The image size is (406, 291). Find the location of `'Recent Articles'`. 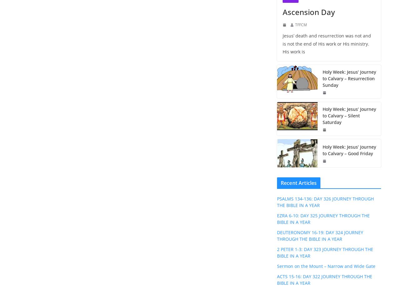

'Recent Articles' is located at coordinates (280, 183).